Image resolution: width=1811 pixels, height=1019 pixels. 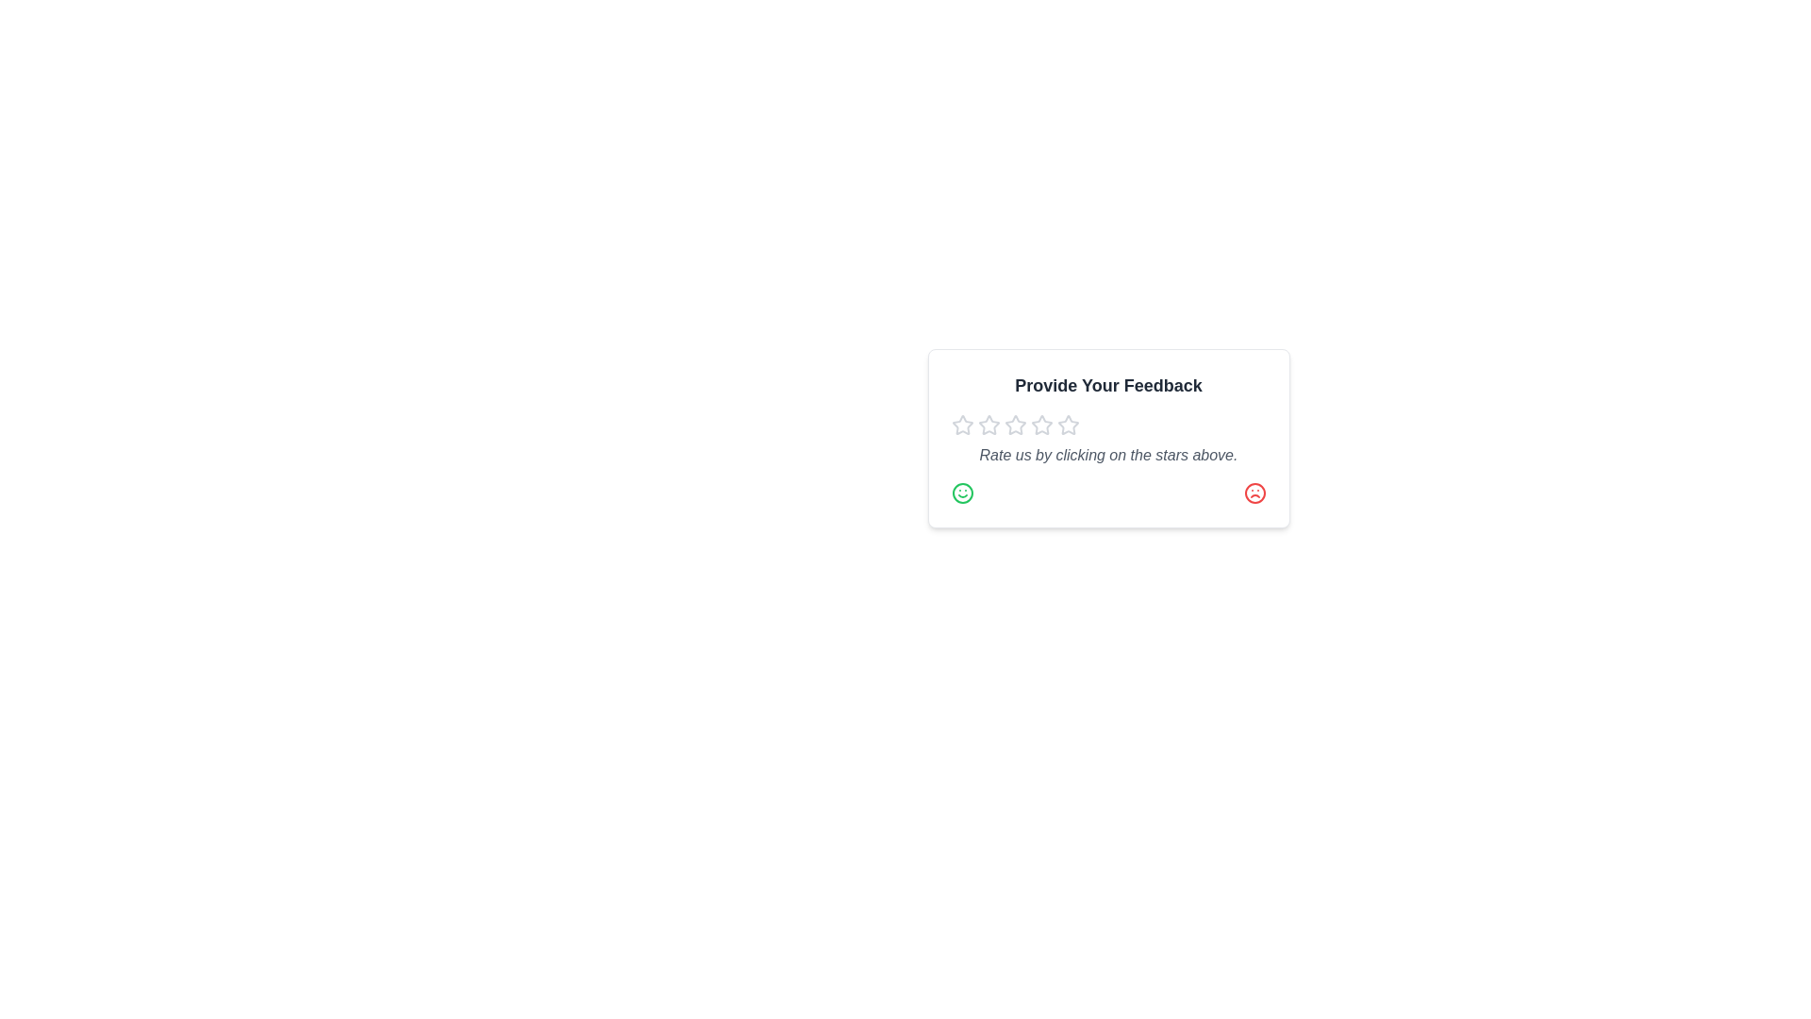 What do you see at coordinates (1040, 425) in the screenshot?
I see `the second star-shaped icon in the feedback form` at bounding box center [1040, 425].